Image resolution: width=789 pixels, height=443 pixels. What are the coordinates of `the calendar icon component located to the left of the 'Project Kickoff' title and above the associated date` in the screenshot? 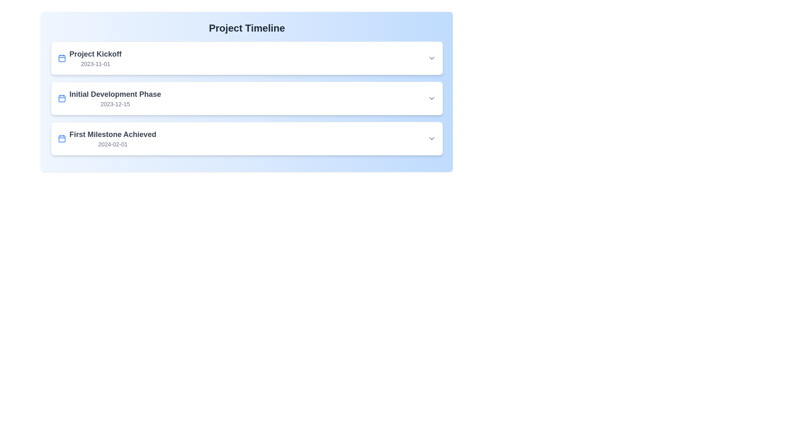 It's located at (61, 58).